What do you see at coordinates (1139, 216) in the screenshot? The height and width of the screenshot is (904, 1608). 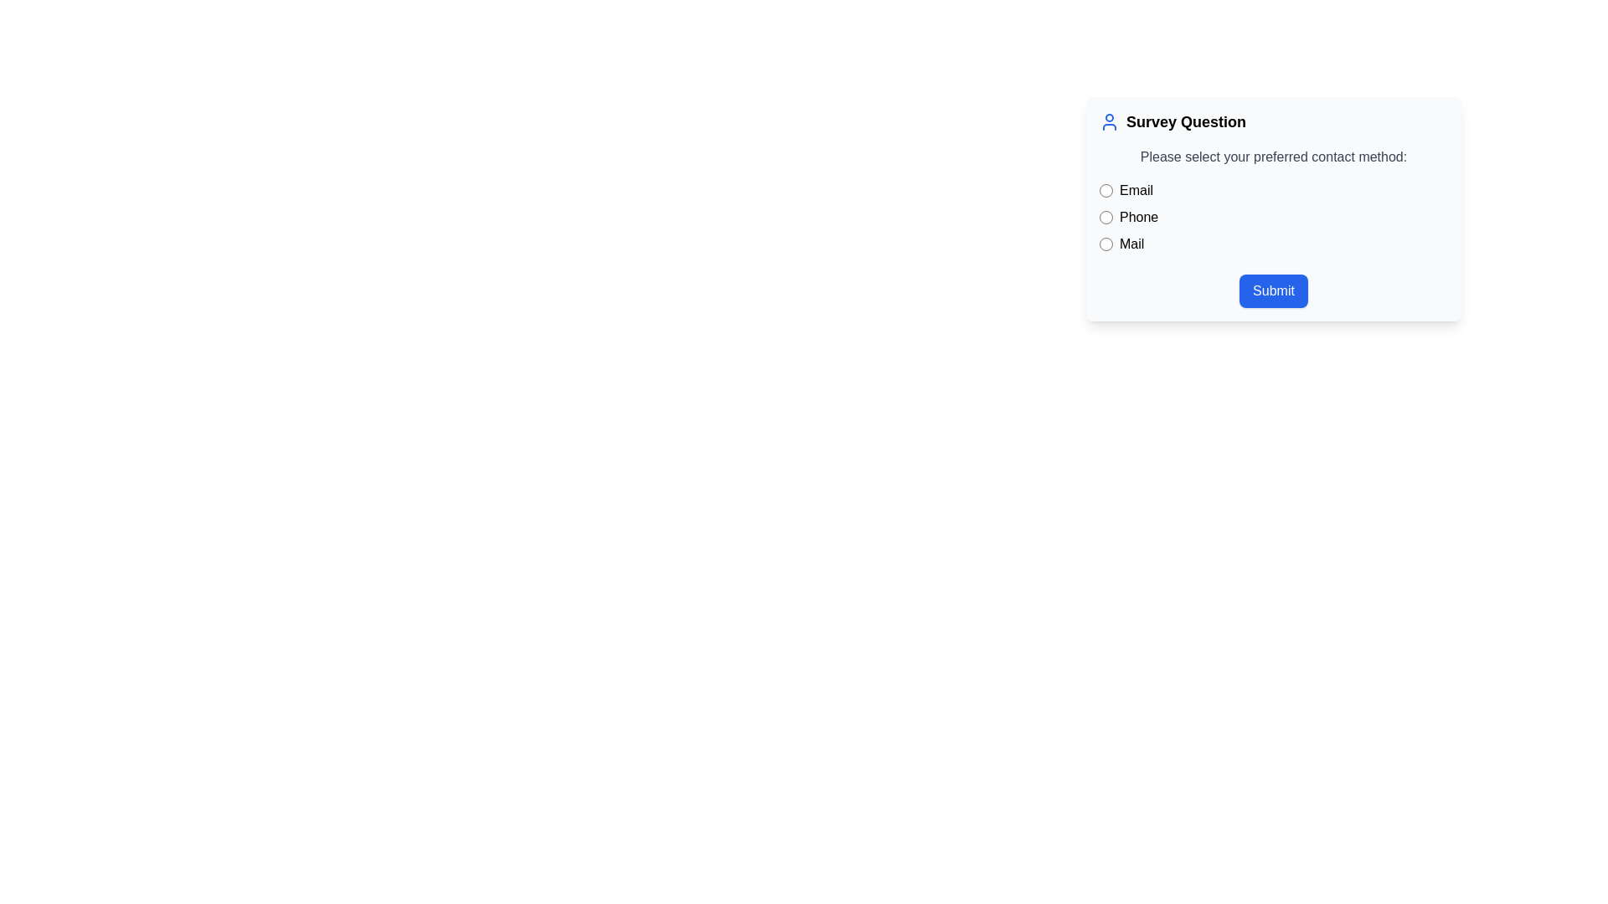 I see `the text label element indicating the selection option 'Phone', which is adjacent to the radio button on the left side` at bounding box center [1139, 216].